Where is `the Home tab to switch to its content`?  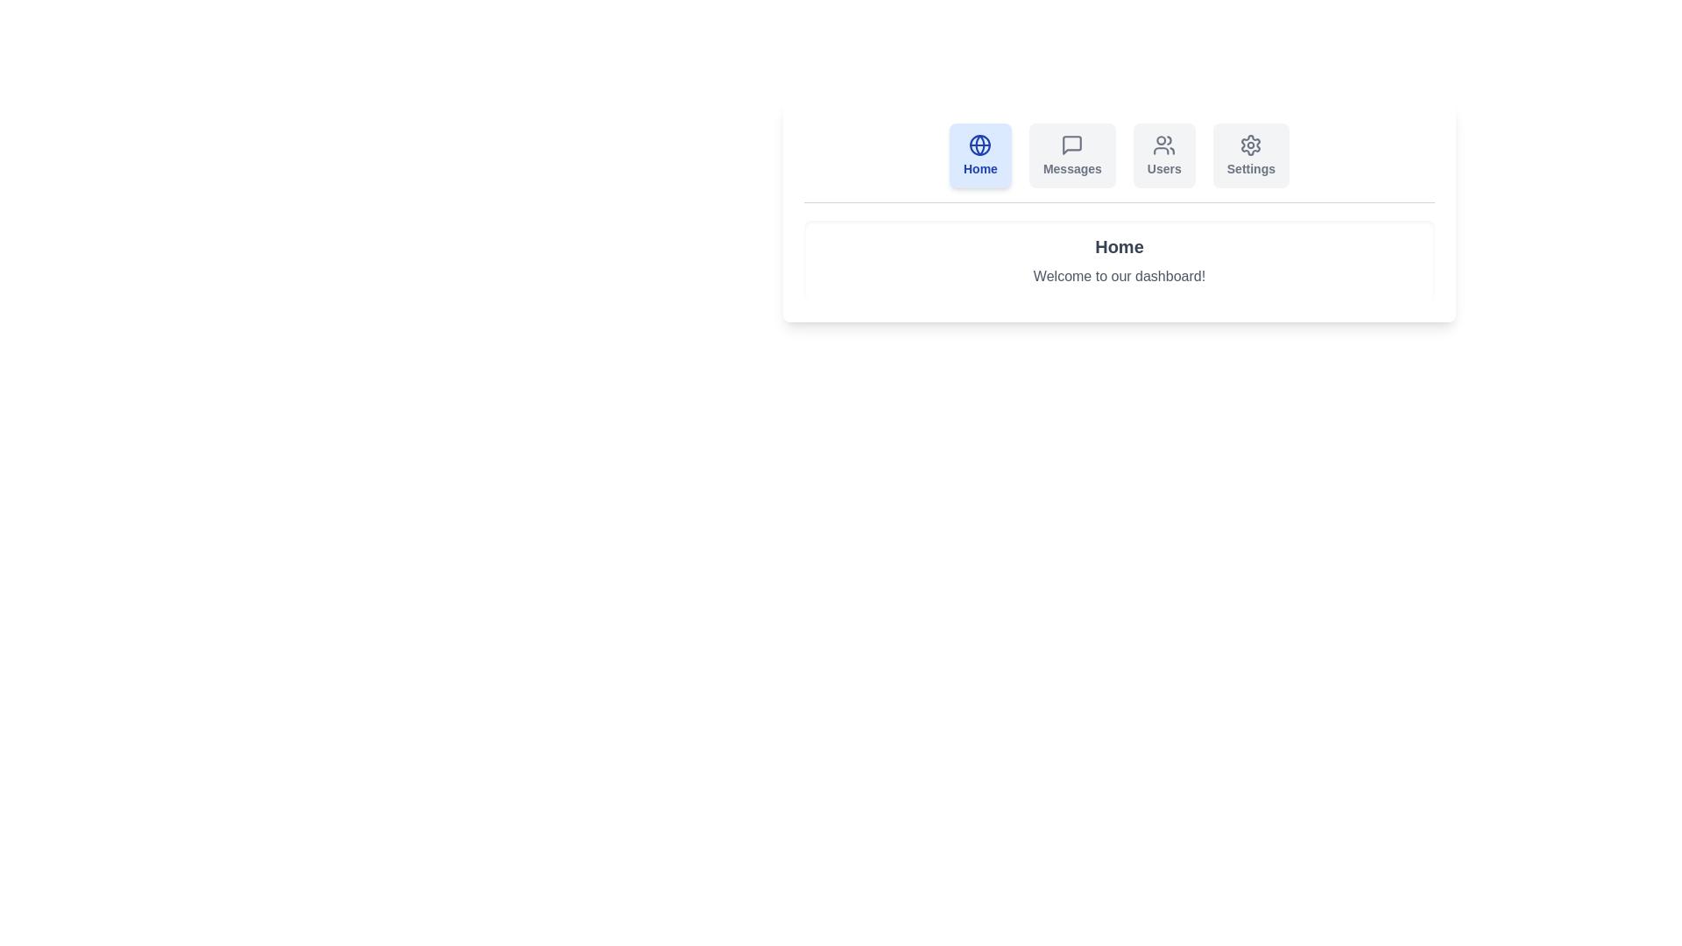 the Home tab to switch to its content is located at coordinates (979, 154).